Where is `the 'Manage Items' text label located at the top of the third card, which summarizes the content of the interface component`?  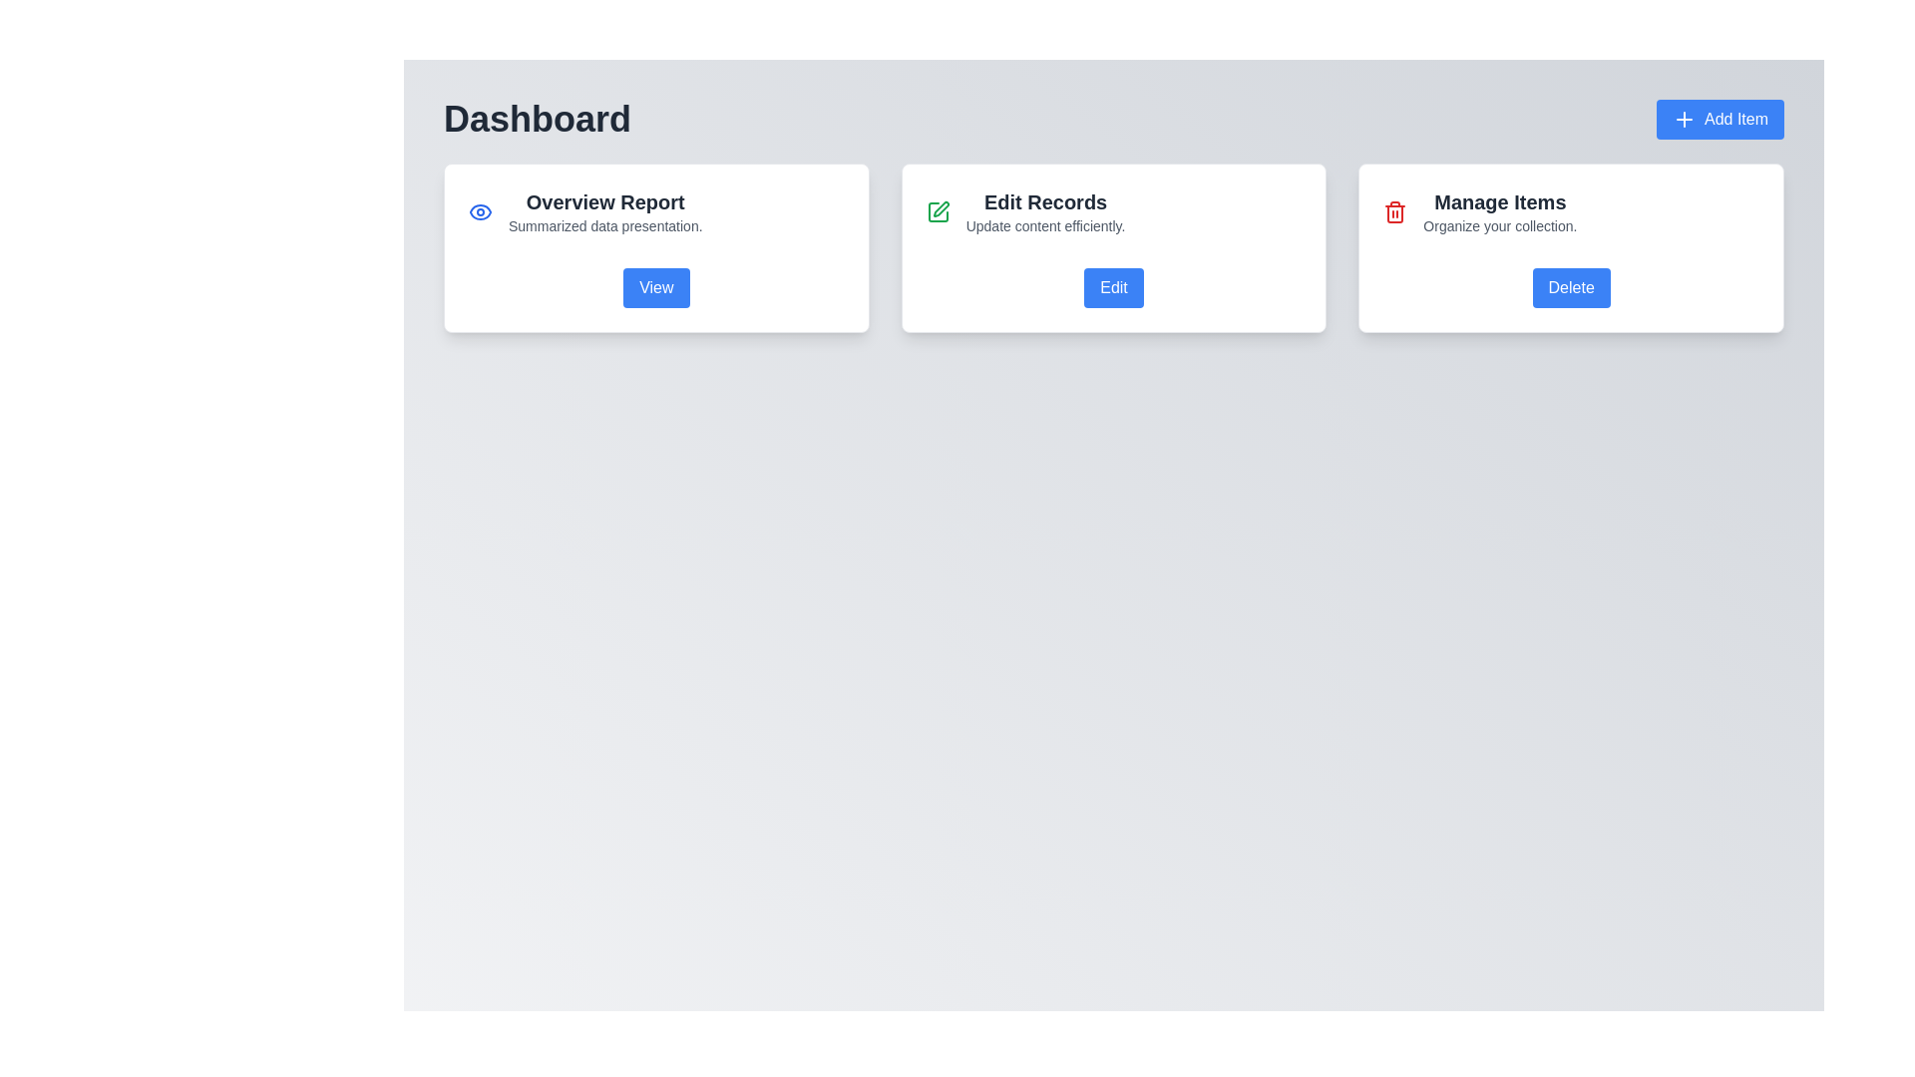 the 'Manage Items' text label located at the top of the third card, which summarizes the content of the interface component is located at coordinates (1500, 202).